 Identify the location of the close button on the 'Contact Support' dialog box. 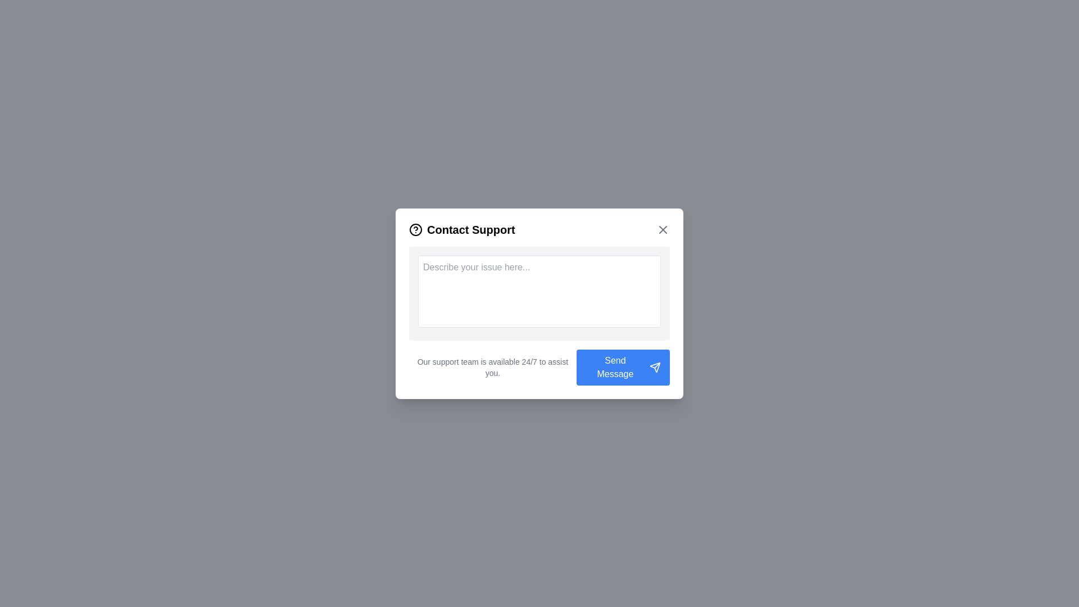
(663, 229).